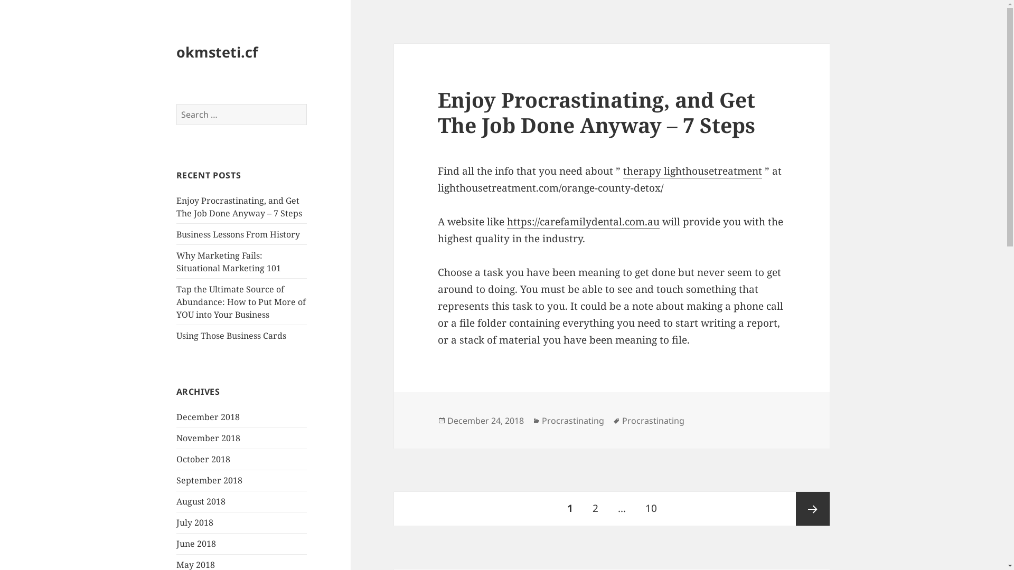  I want to click on 'July 2018', so click(195, 522).